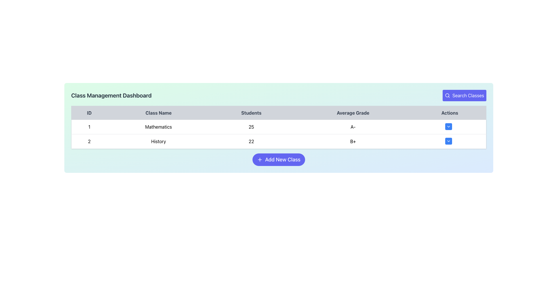 Image resolution: width=549 pixels, height=308 pixels. I want to click on the compact blue button with rounded corners and a chevron icon pointing downwards in the 'Actions' column of the second row of the table, corresponding to the 'History' class, so click(449, 141).